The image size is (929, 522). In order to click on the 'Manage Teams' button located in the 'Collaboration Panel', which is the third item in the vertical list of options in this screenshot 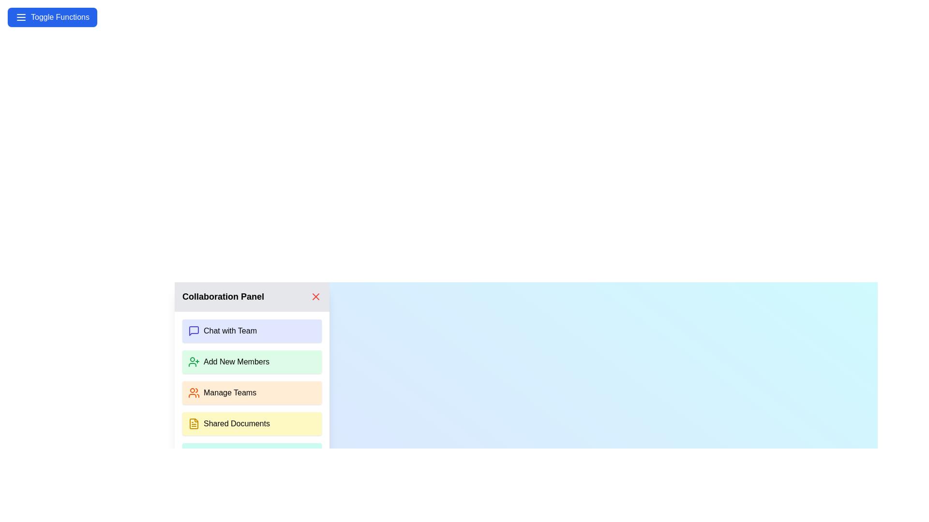, I will do `click(252, 393)`.